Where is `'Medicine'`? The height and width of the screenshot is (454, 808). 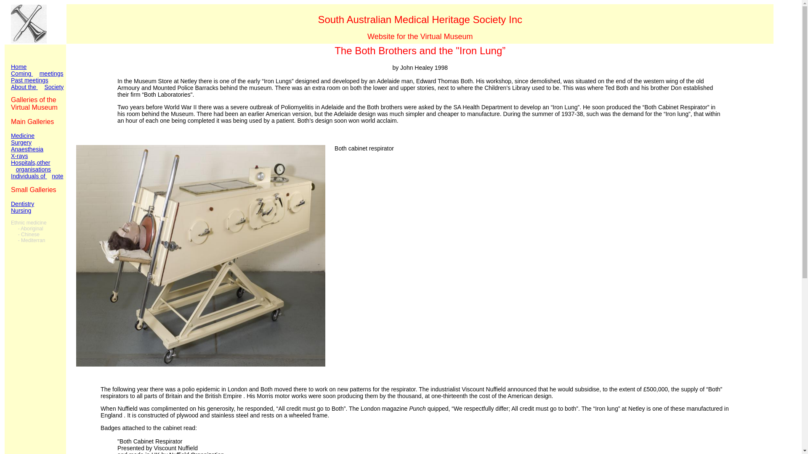
'Medicine' is located at coordinates (22, 135).